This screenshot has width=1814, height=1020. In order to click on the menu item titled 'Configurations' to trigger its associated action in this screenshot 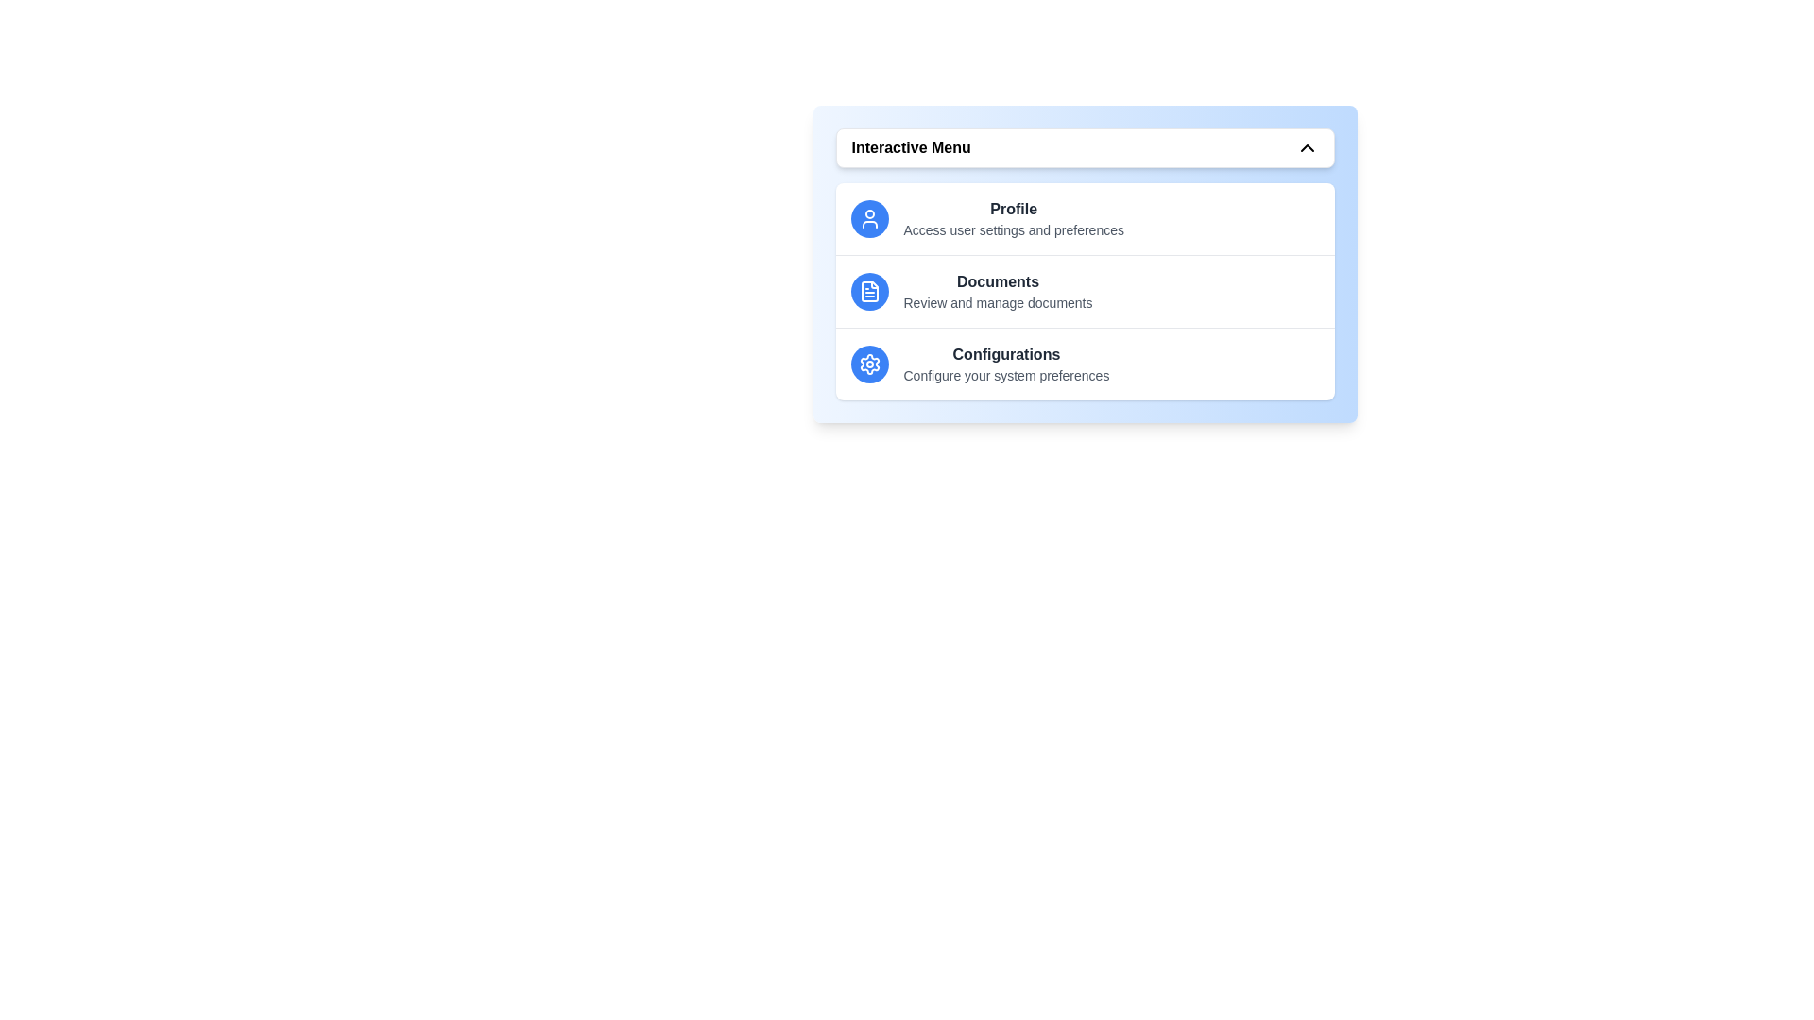, I will do `click(1005, 354)`.